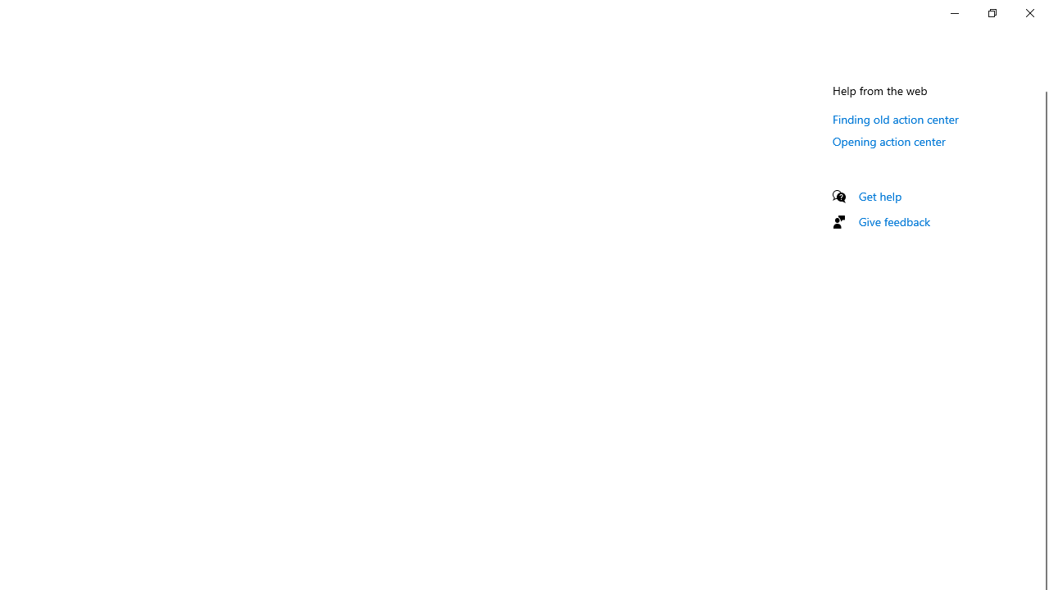 Image resolution: width=1049 pixels, height=590 pixels. Describe the element at coordinates (888, 140) in the screenshot. I see `'Opening action center'` at that location.